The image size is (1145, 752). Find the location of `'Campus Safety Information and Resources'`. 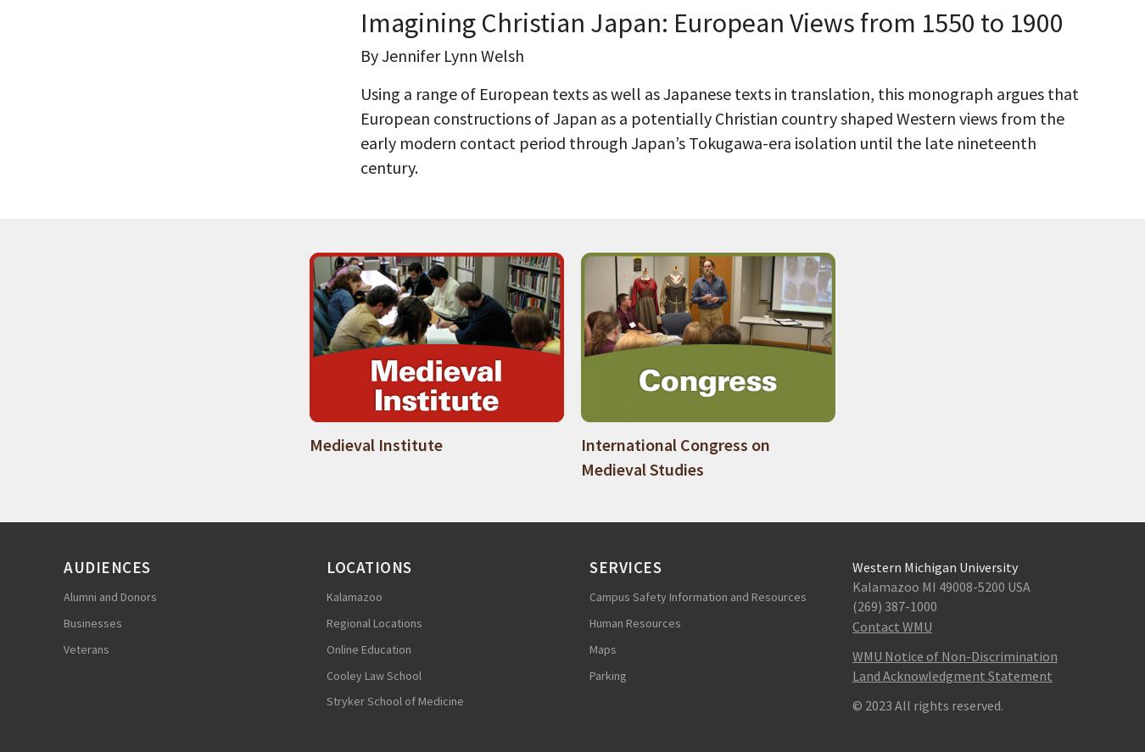

'Campus Safety Information and Resources' is located at coordinates (697, 597).